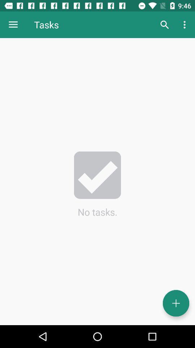  I want to click on icon below the no tasks., so click(175, 303).